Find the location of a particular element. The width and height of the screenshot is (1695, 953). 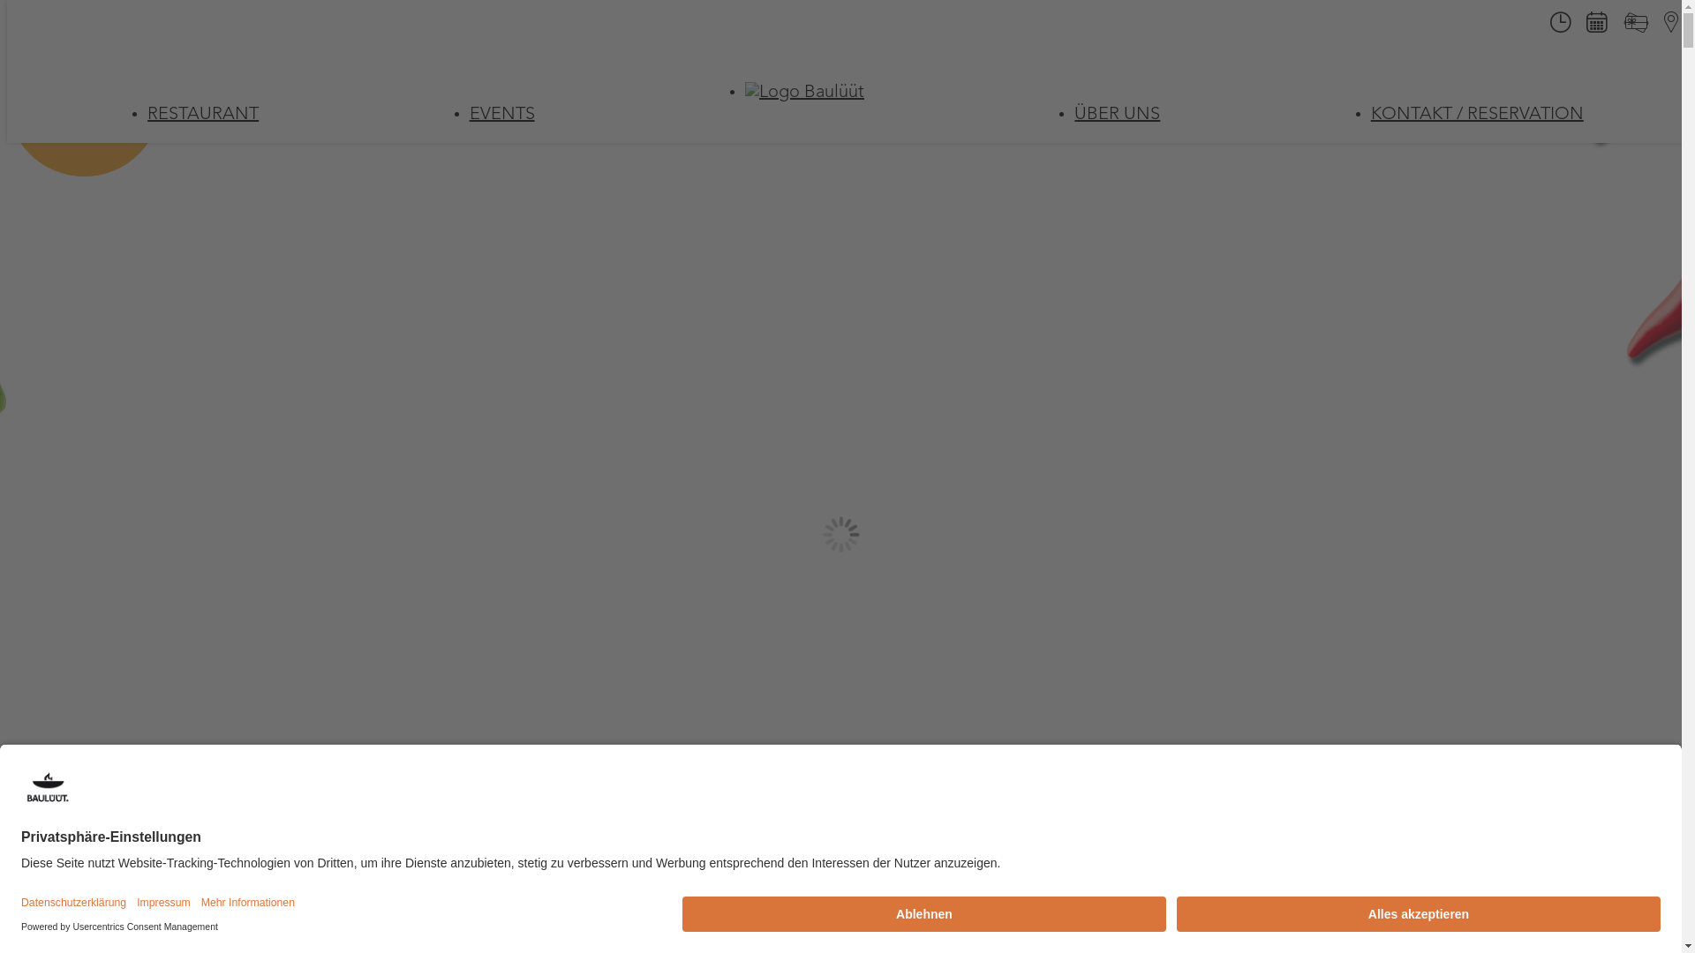

'EVENTS' is located at coordinates (501, 115).